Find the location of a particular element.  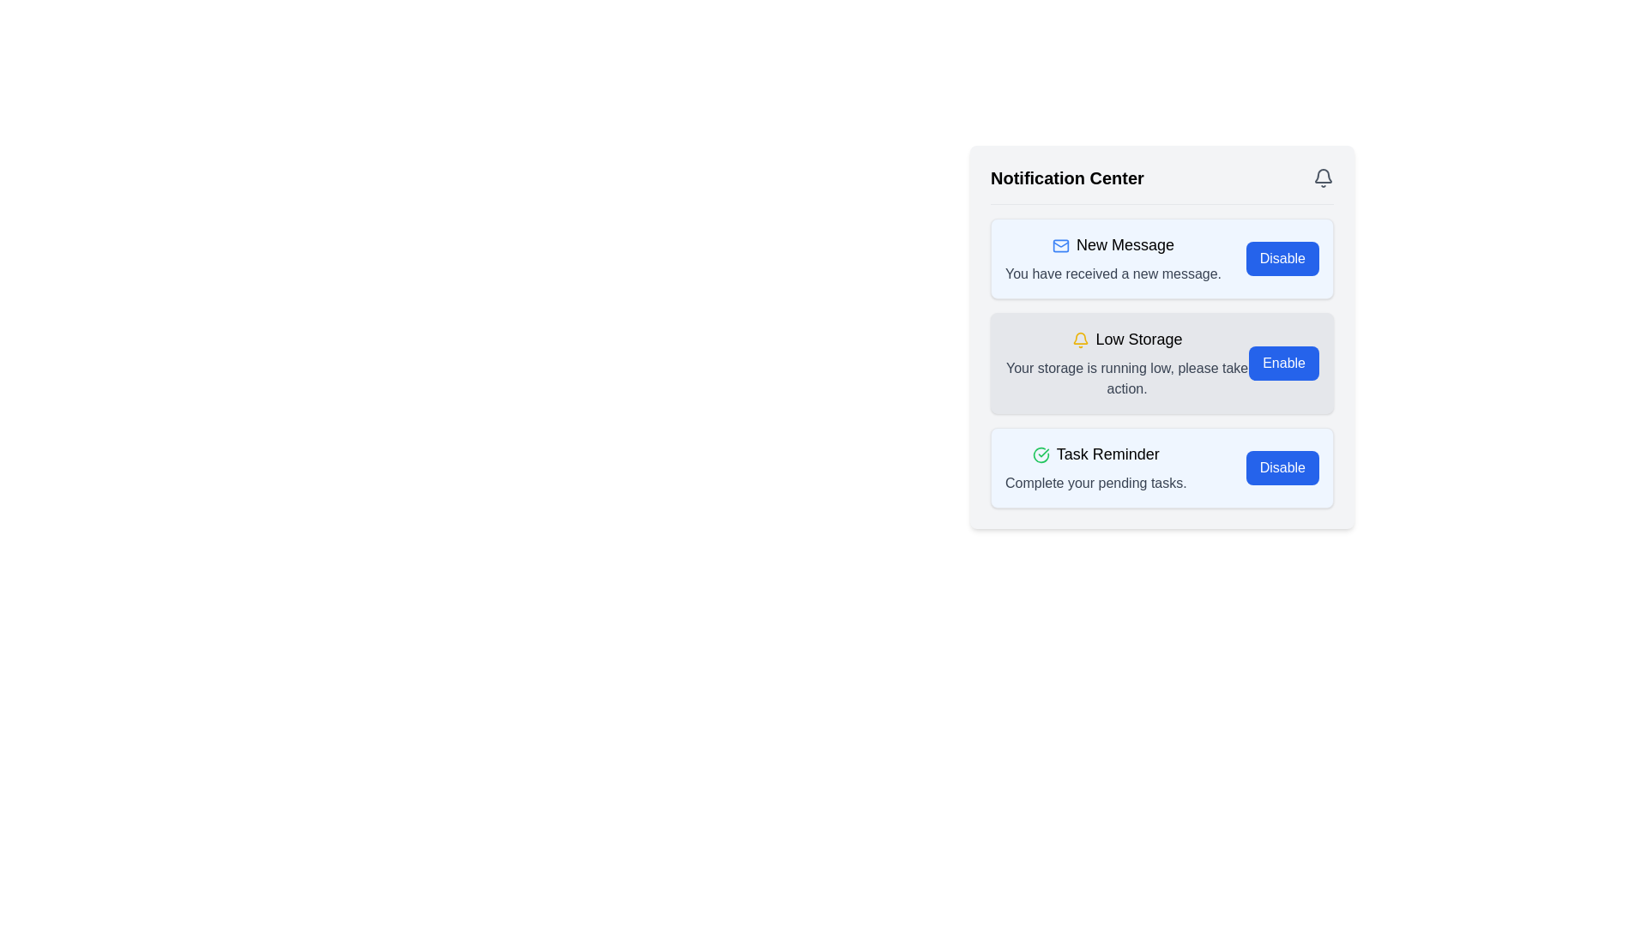

the heading element that serves as the title and visual identifier for the notification panel, located at the top of the panel is located at coordinates (1161, 185).